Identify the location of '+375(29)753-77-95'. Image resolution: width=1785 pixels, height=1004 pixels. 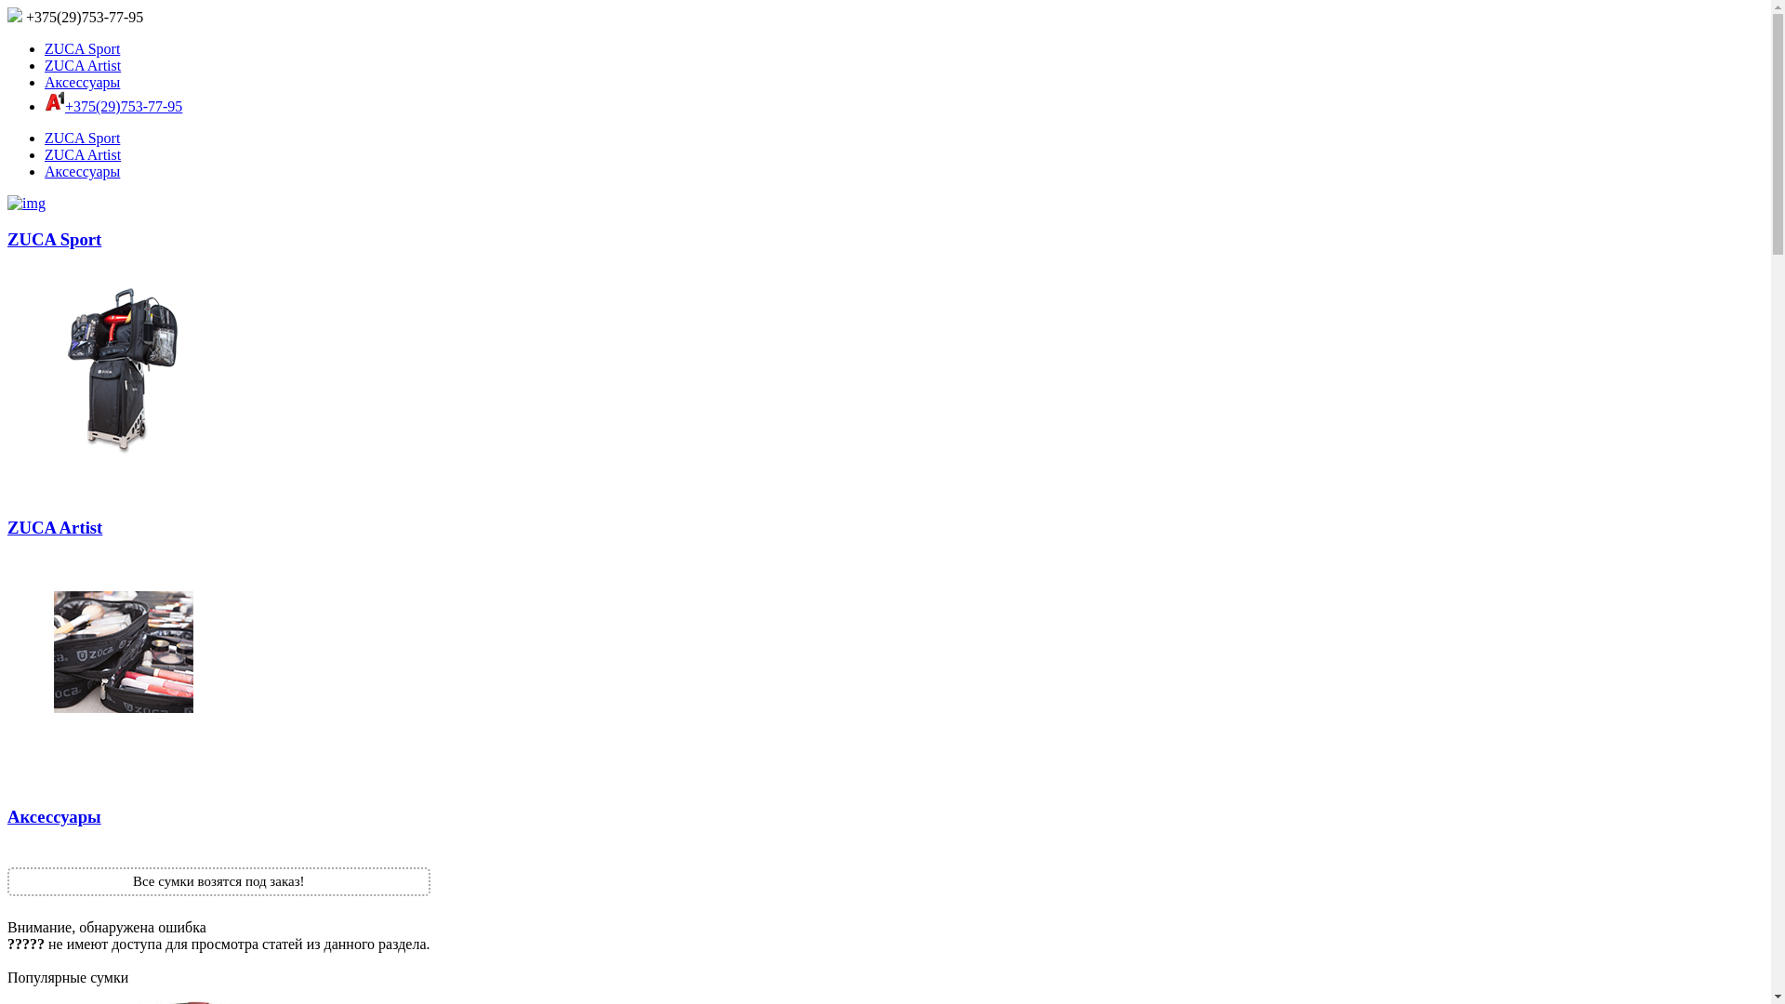
(74, 17).